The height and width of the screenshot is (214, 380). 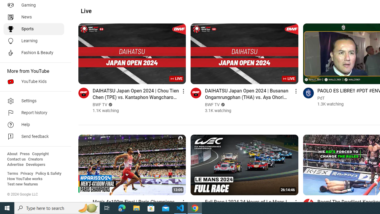 What do you see at coordinates (23, 184) in the screenshot?
I see `'Test new features'` at bounding box center [23, 184].